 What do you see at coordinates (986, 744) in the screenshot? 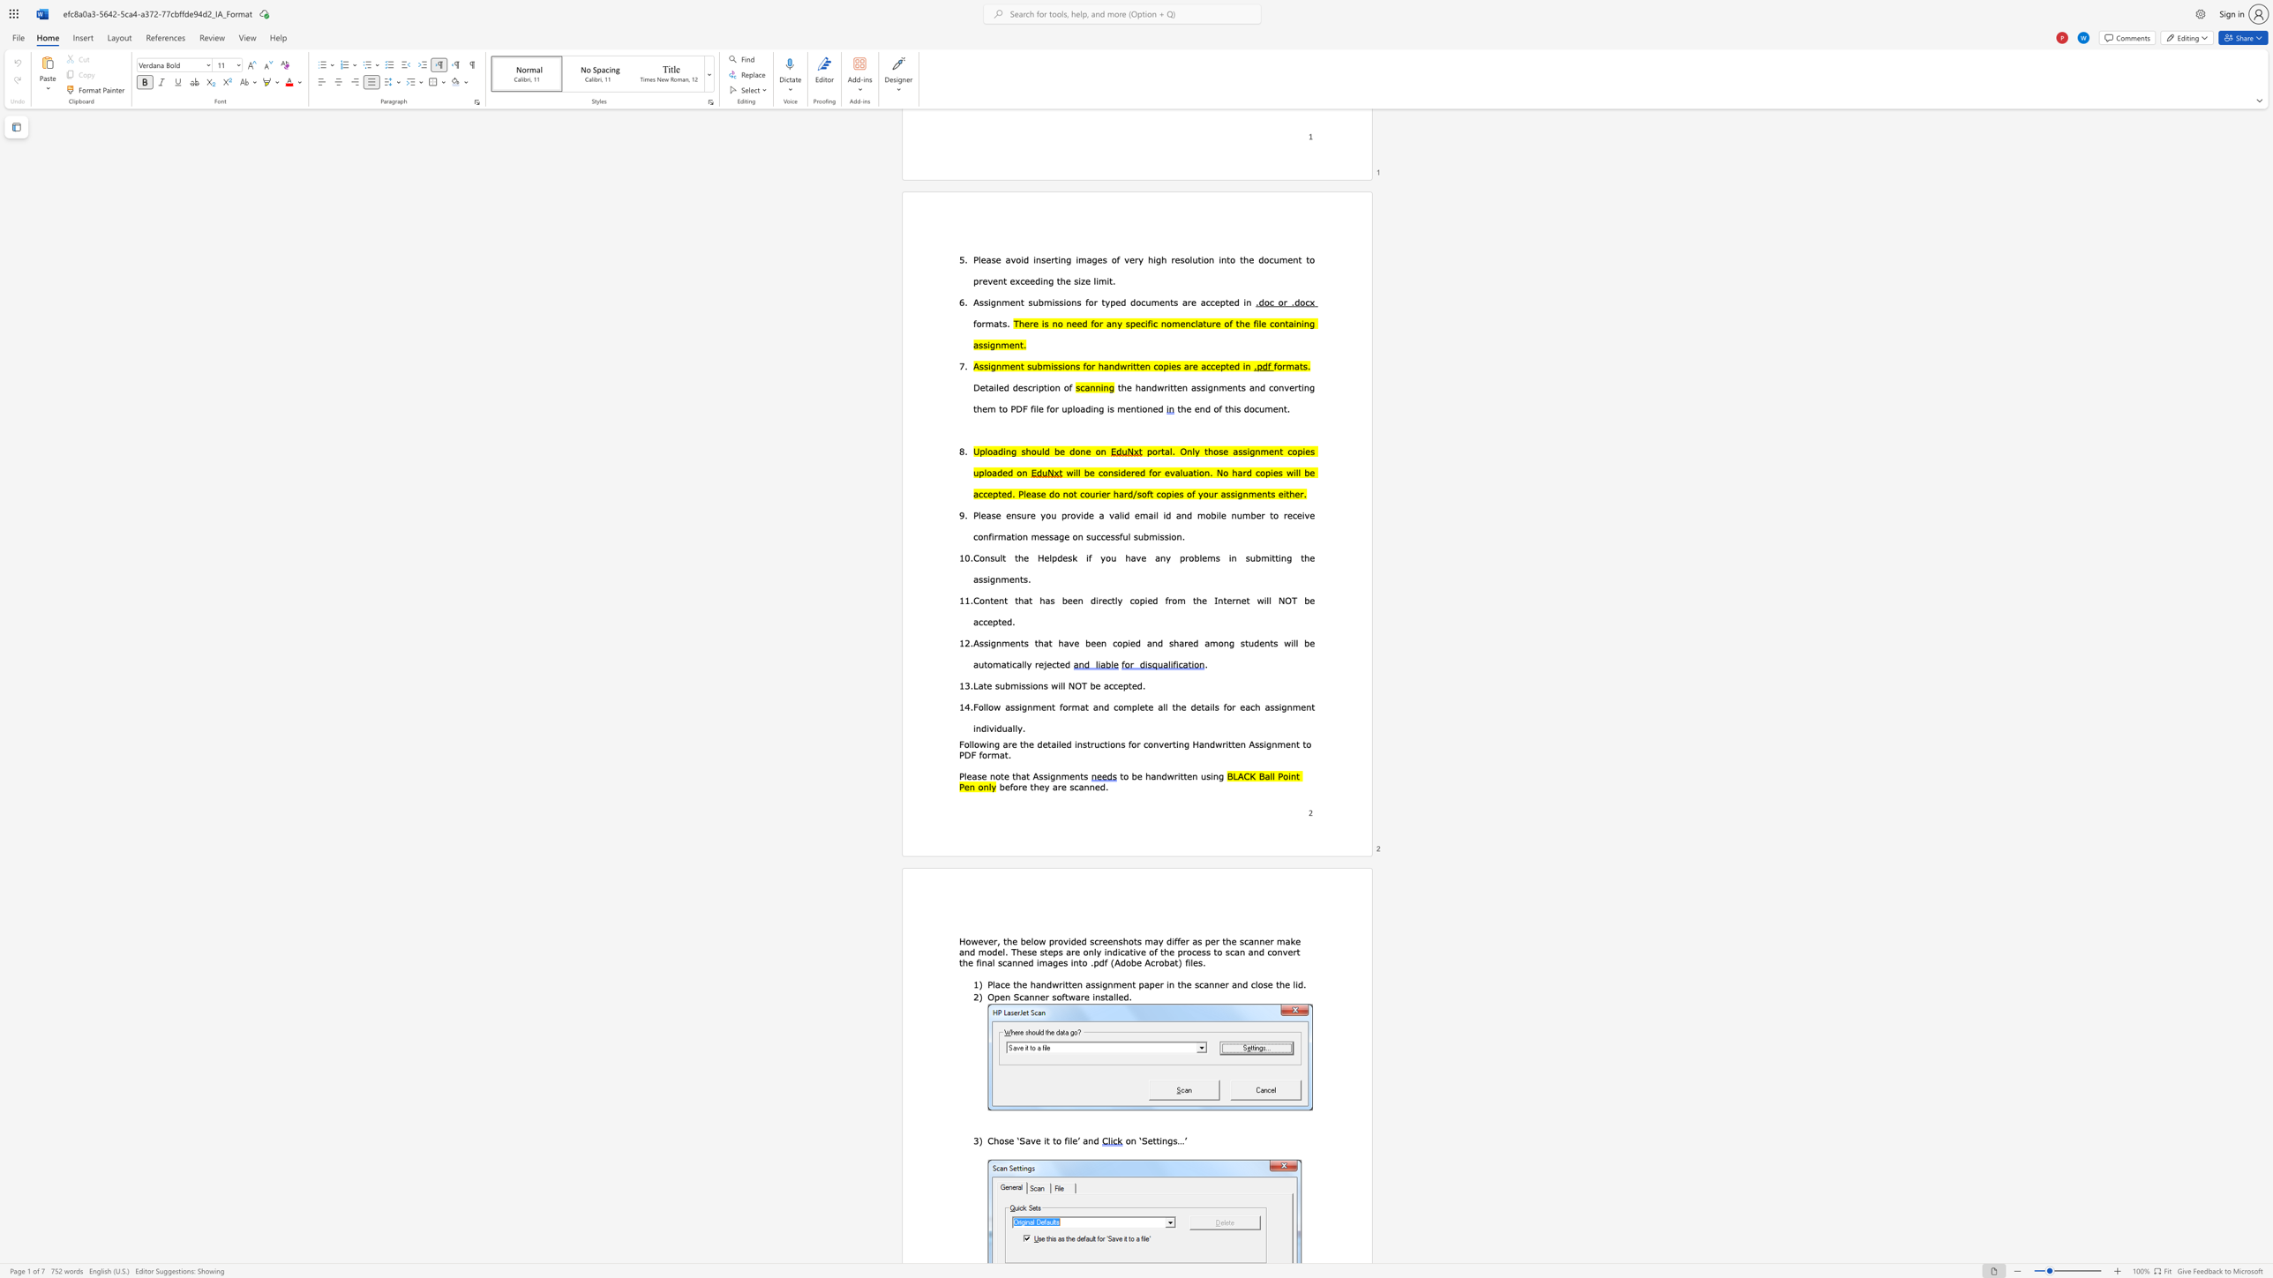
I see `the subset text "ing are th" within the text "Following are the"` at bounding box center [986, 744].